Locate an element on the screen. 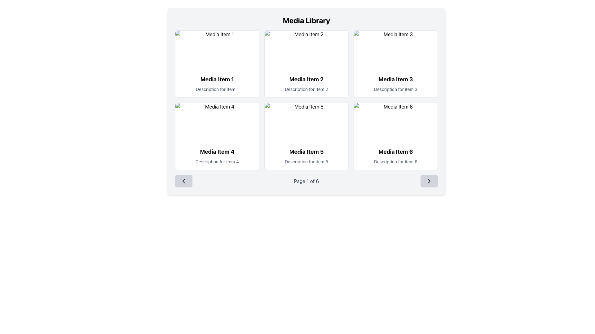 The width and height of the screenshot is (595, 334). the Text Display (Title and Subtitle Pair) located in the bottom-right corner of the grid, which is the sixth item in a 3x2 arrangement is located at coordinates (395, 156).